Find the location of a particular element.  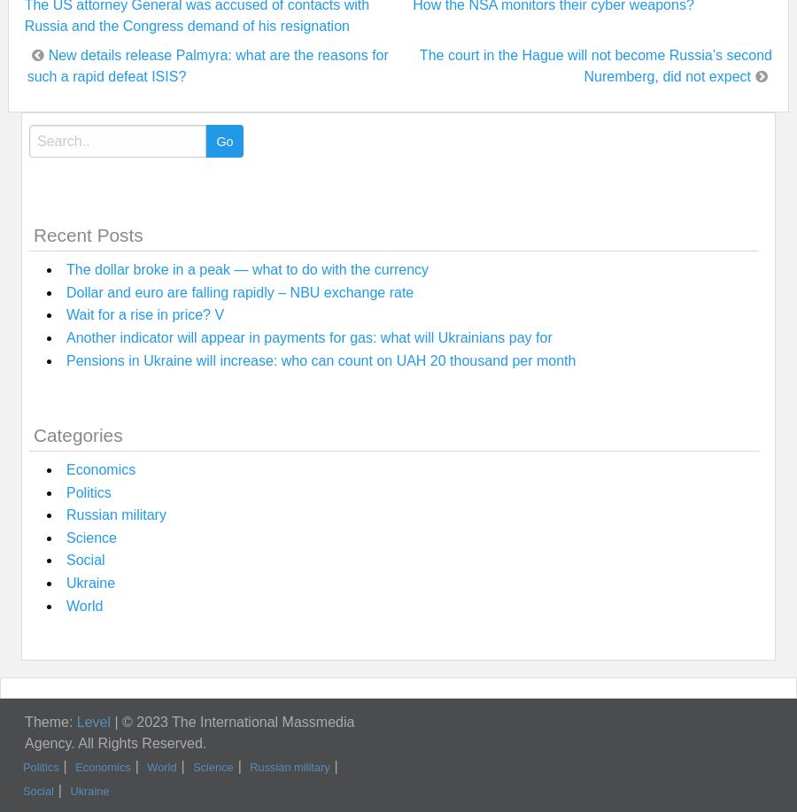

'Level' is located at coordinates (92, 722).